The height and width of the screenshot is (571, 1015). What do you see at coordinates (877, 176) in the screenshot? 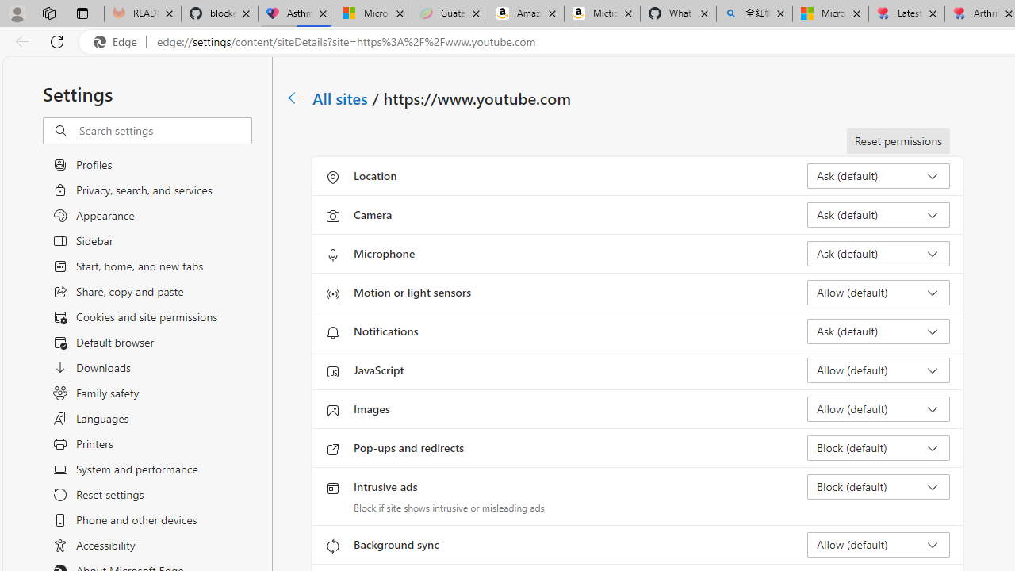
I see `'Location Ask (default)'` at bounding box center [877, 176].